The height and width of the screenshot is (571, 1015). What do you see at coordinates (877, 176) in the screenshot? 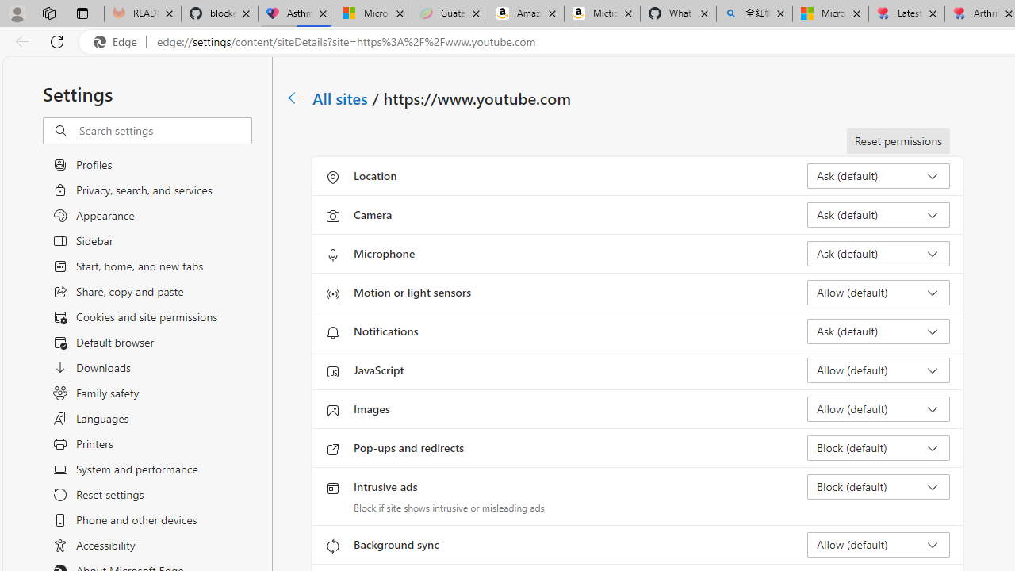
I see `'Location Ask (default)'` at bounding box center [877, 176].